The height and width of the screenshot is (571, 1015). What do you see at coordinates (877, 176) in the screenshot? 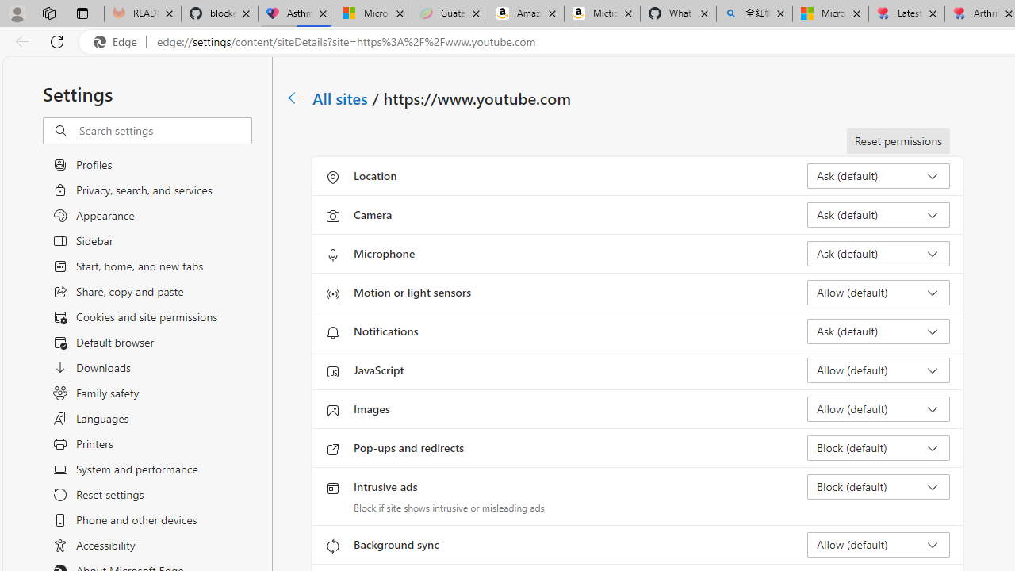
I see `'Location Ask (default)'` at bounding box center [877, 176].